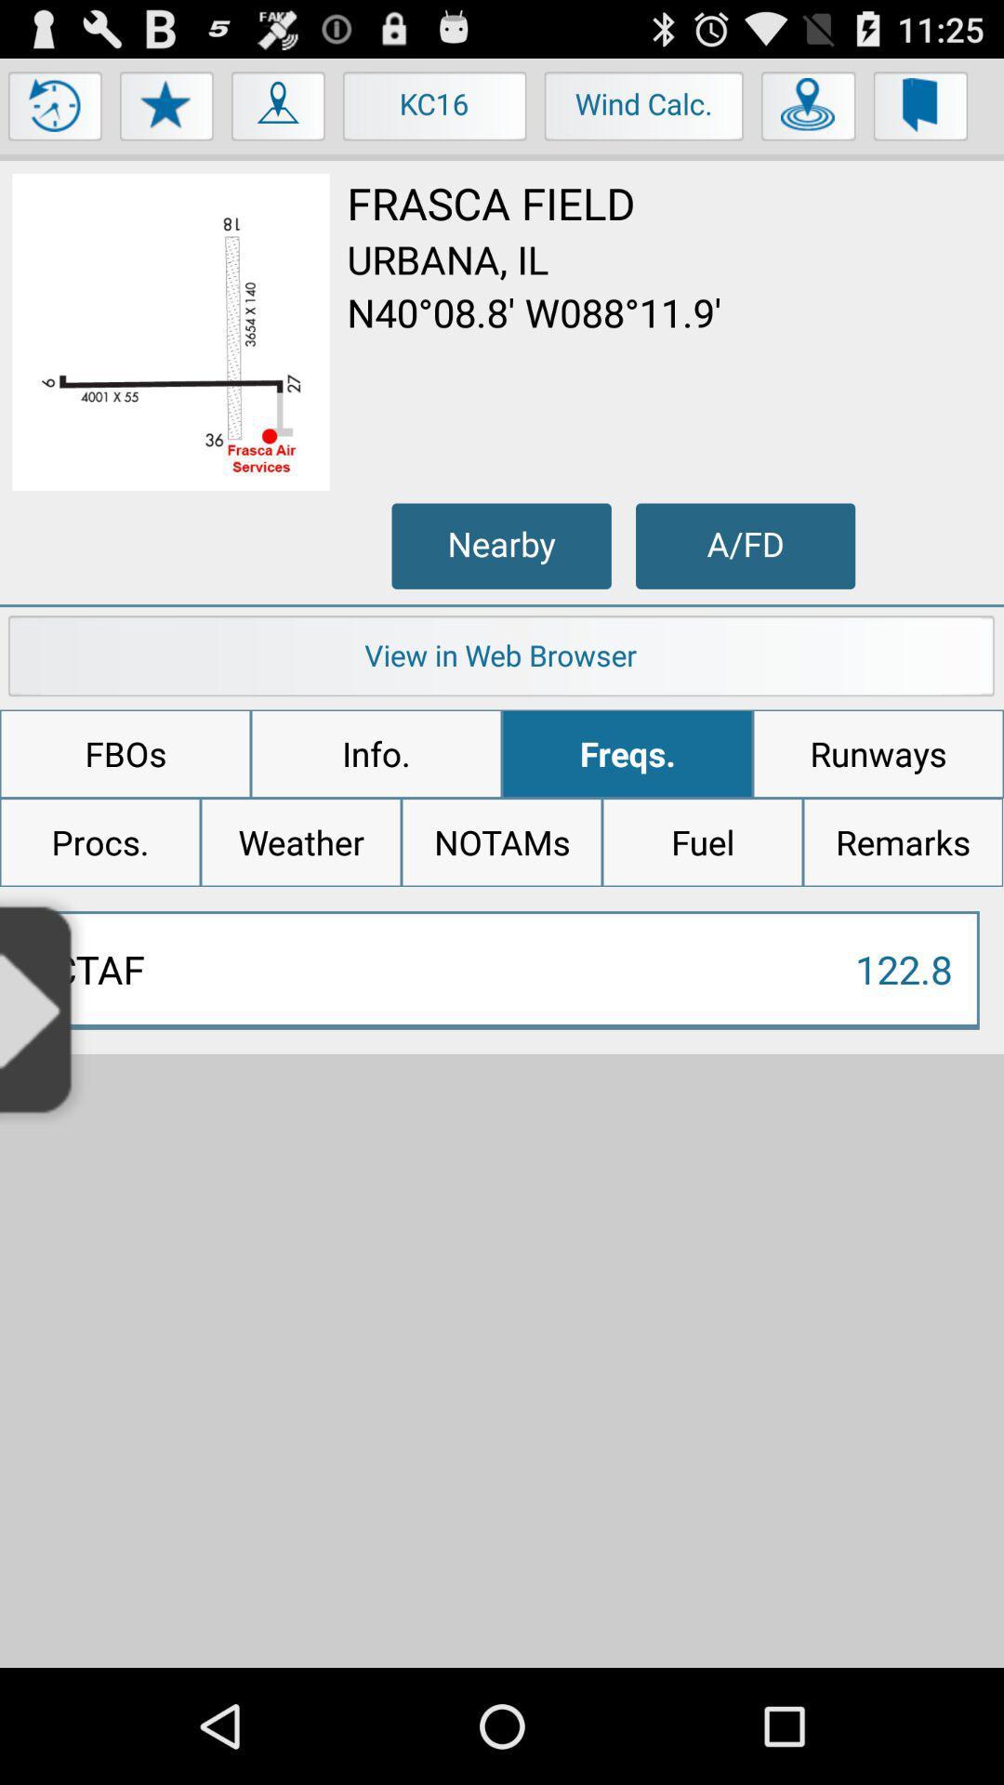  I want to click on the item to the left of kc16 button, so click(279, 110).